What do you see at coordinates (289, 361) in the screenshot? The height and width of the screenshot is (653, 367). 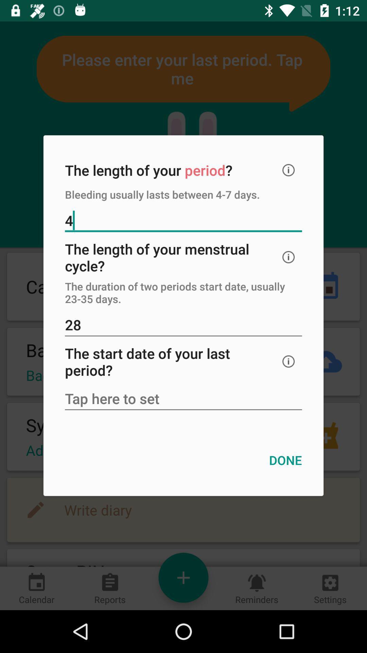 I see `see information` at bounding box center [289, 361].